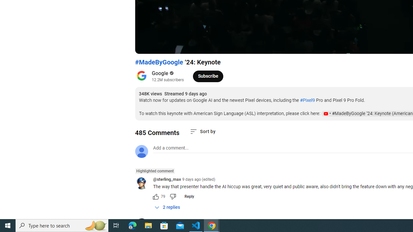 This screenshot has width=413, height=232. Describe the element at coordinates (307, 100) in the screenshot. I see `'#Pixel9'` at that location.